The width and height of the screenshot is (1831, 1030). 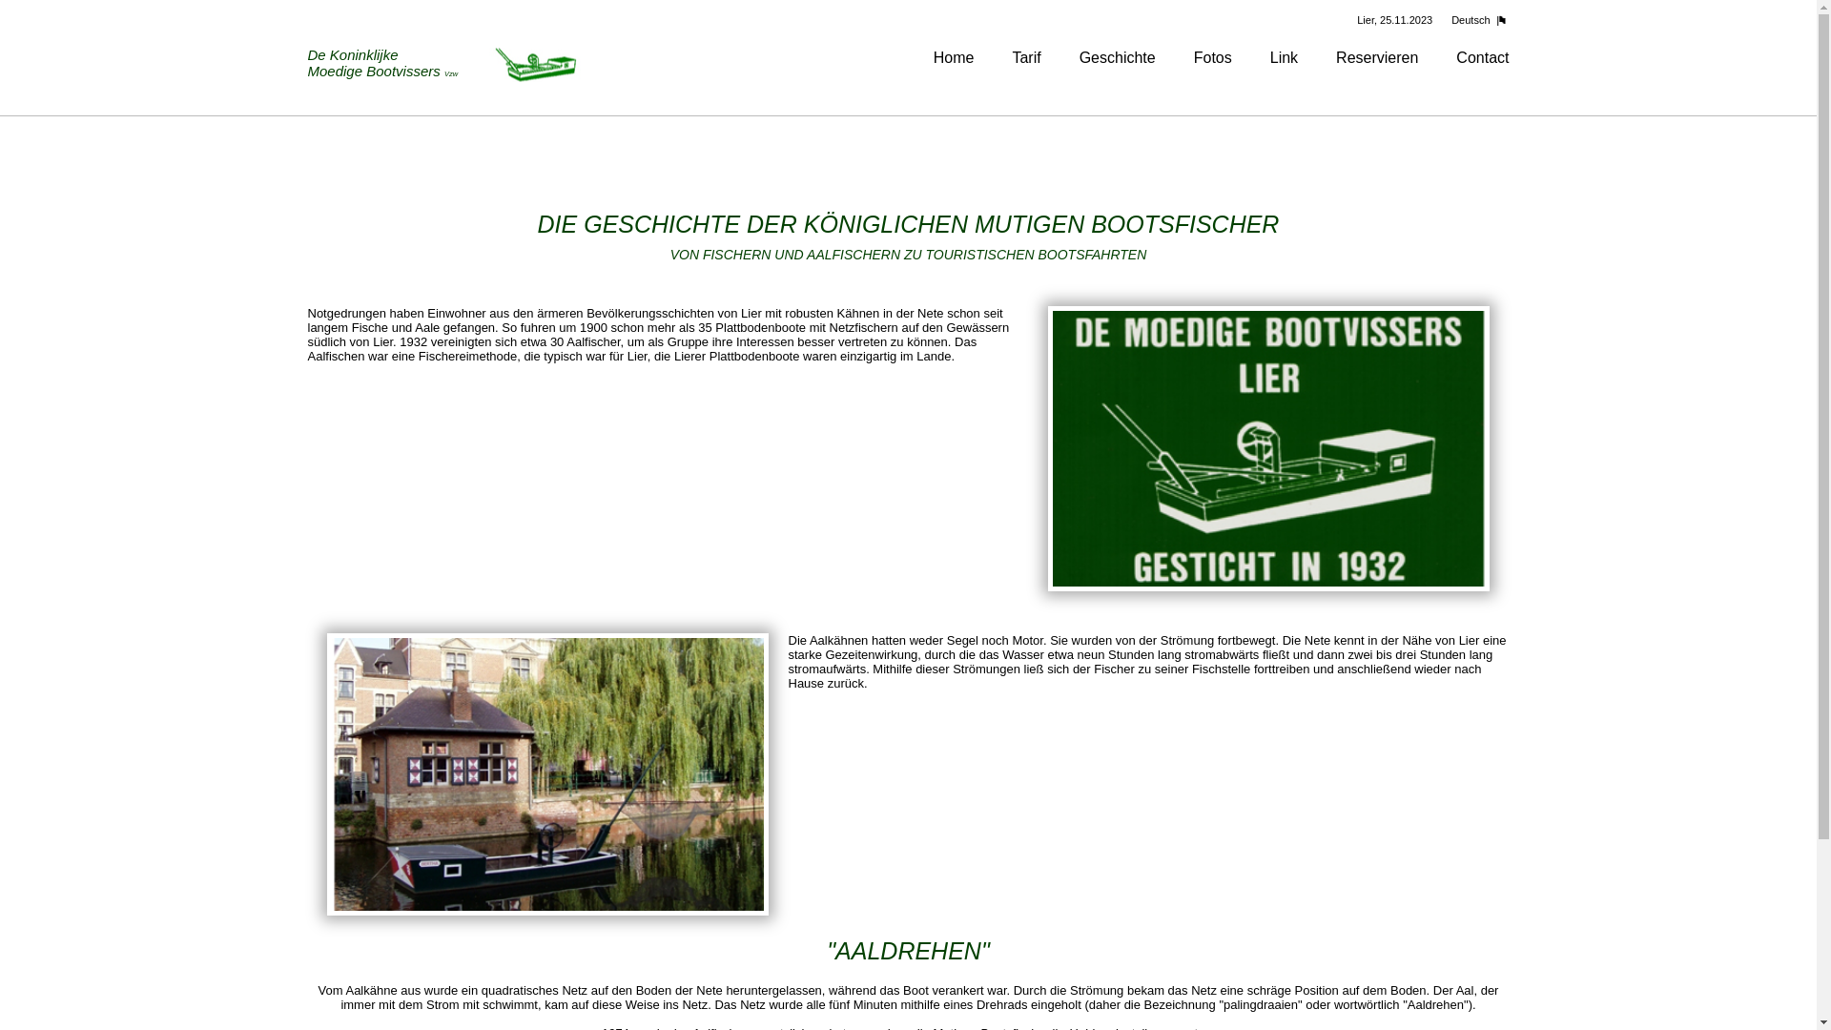 What do you see at coordinates (1284, 56) in the screenshot?
I see `'Link'` at bounding box center [1284, 56].